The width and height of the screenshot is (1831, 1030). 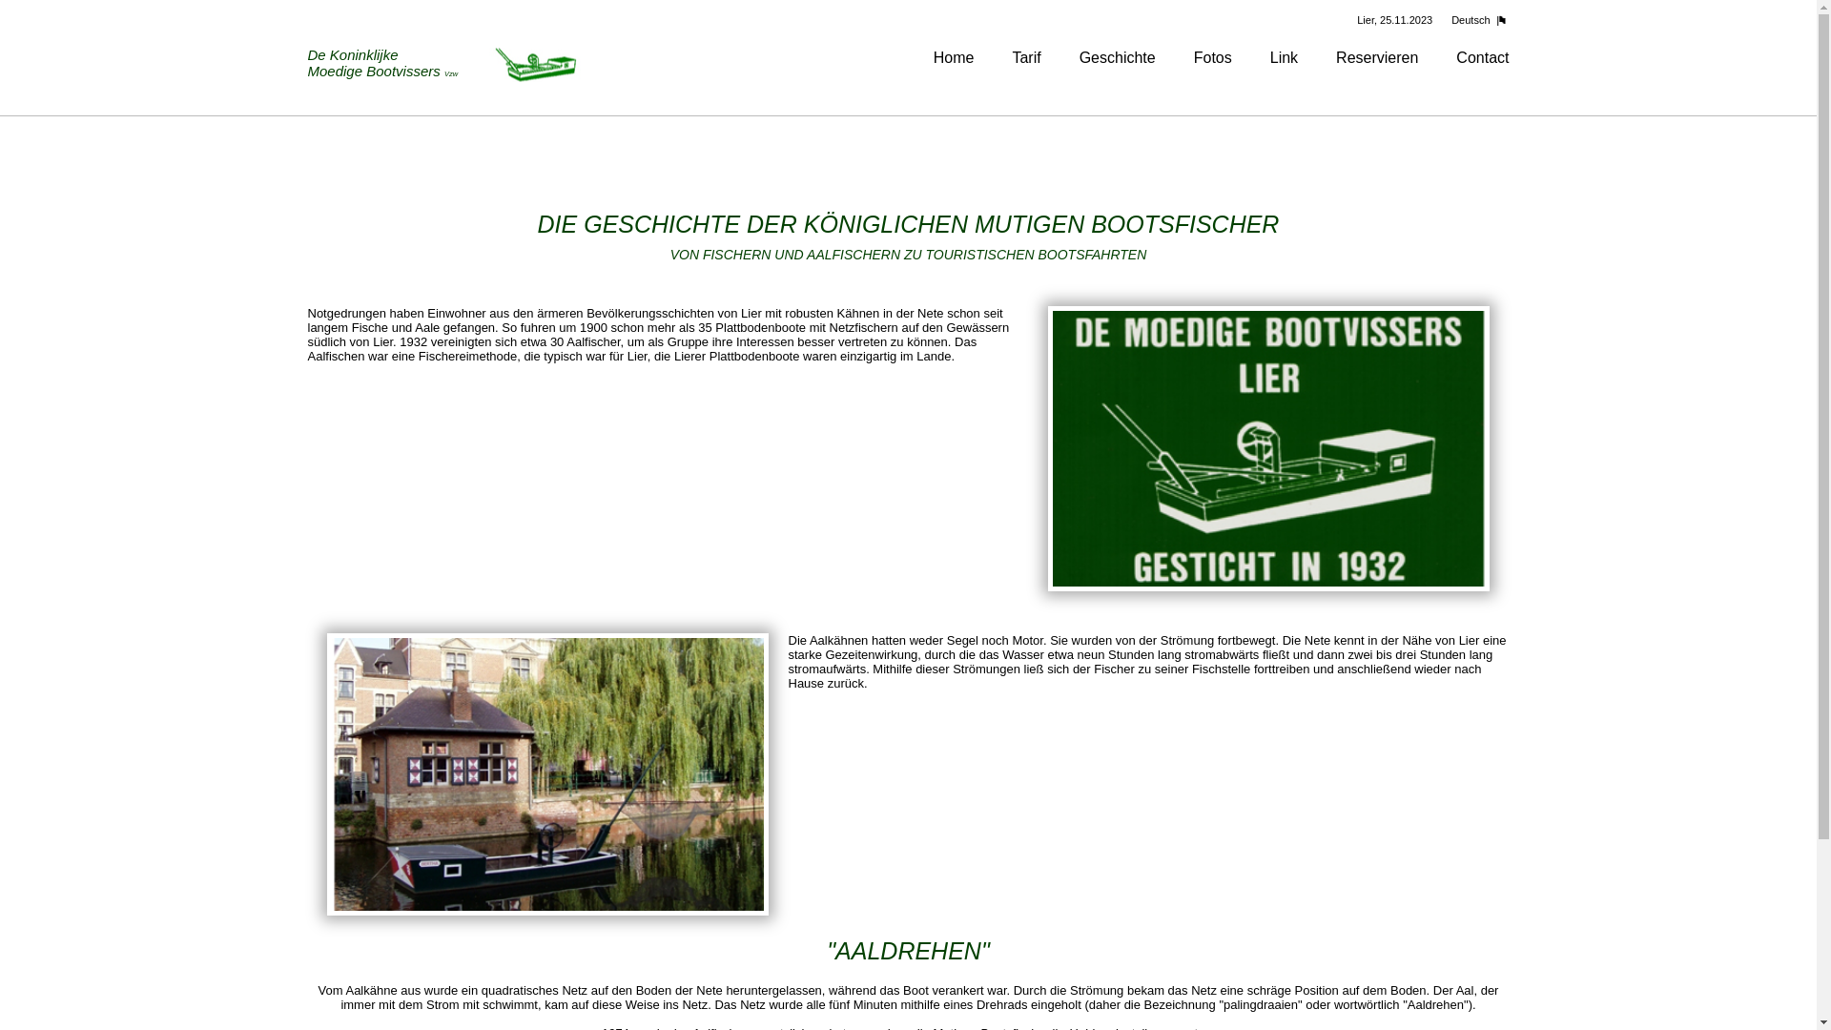 What do you see at coordinates (1284, 56) in the screenshot?
I see `'Link'` at bounding box center [1284, 56].